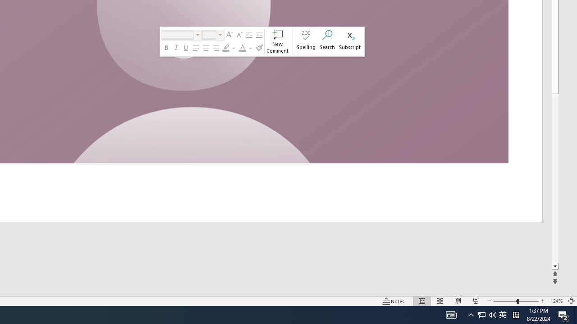  Describe the element at coordinates (249, 35) in the screenshot. I see `'Decrease Indent'` at that location.